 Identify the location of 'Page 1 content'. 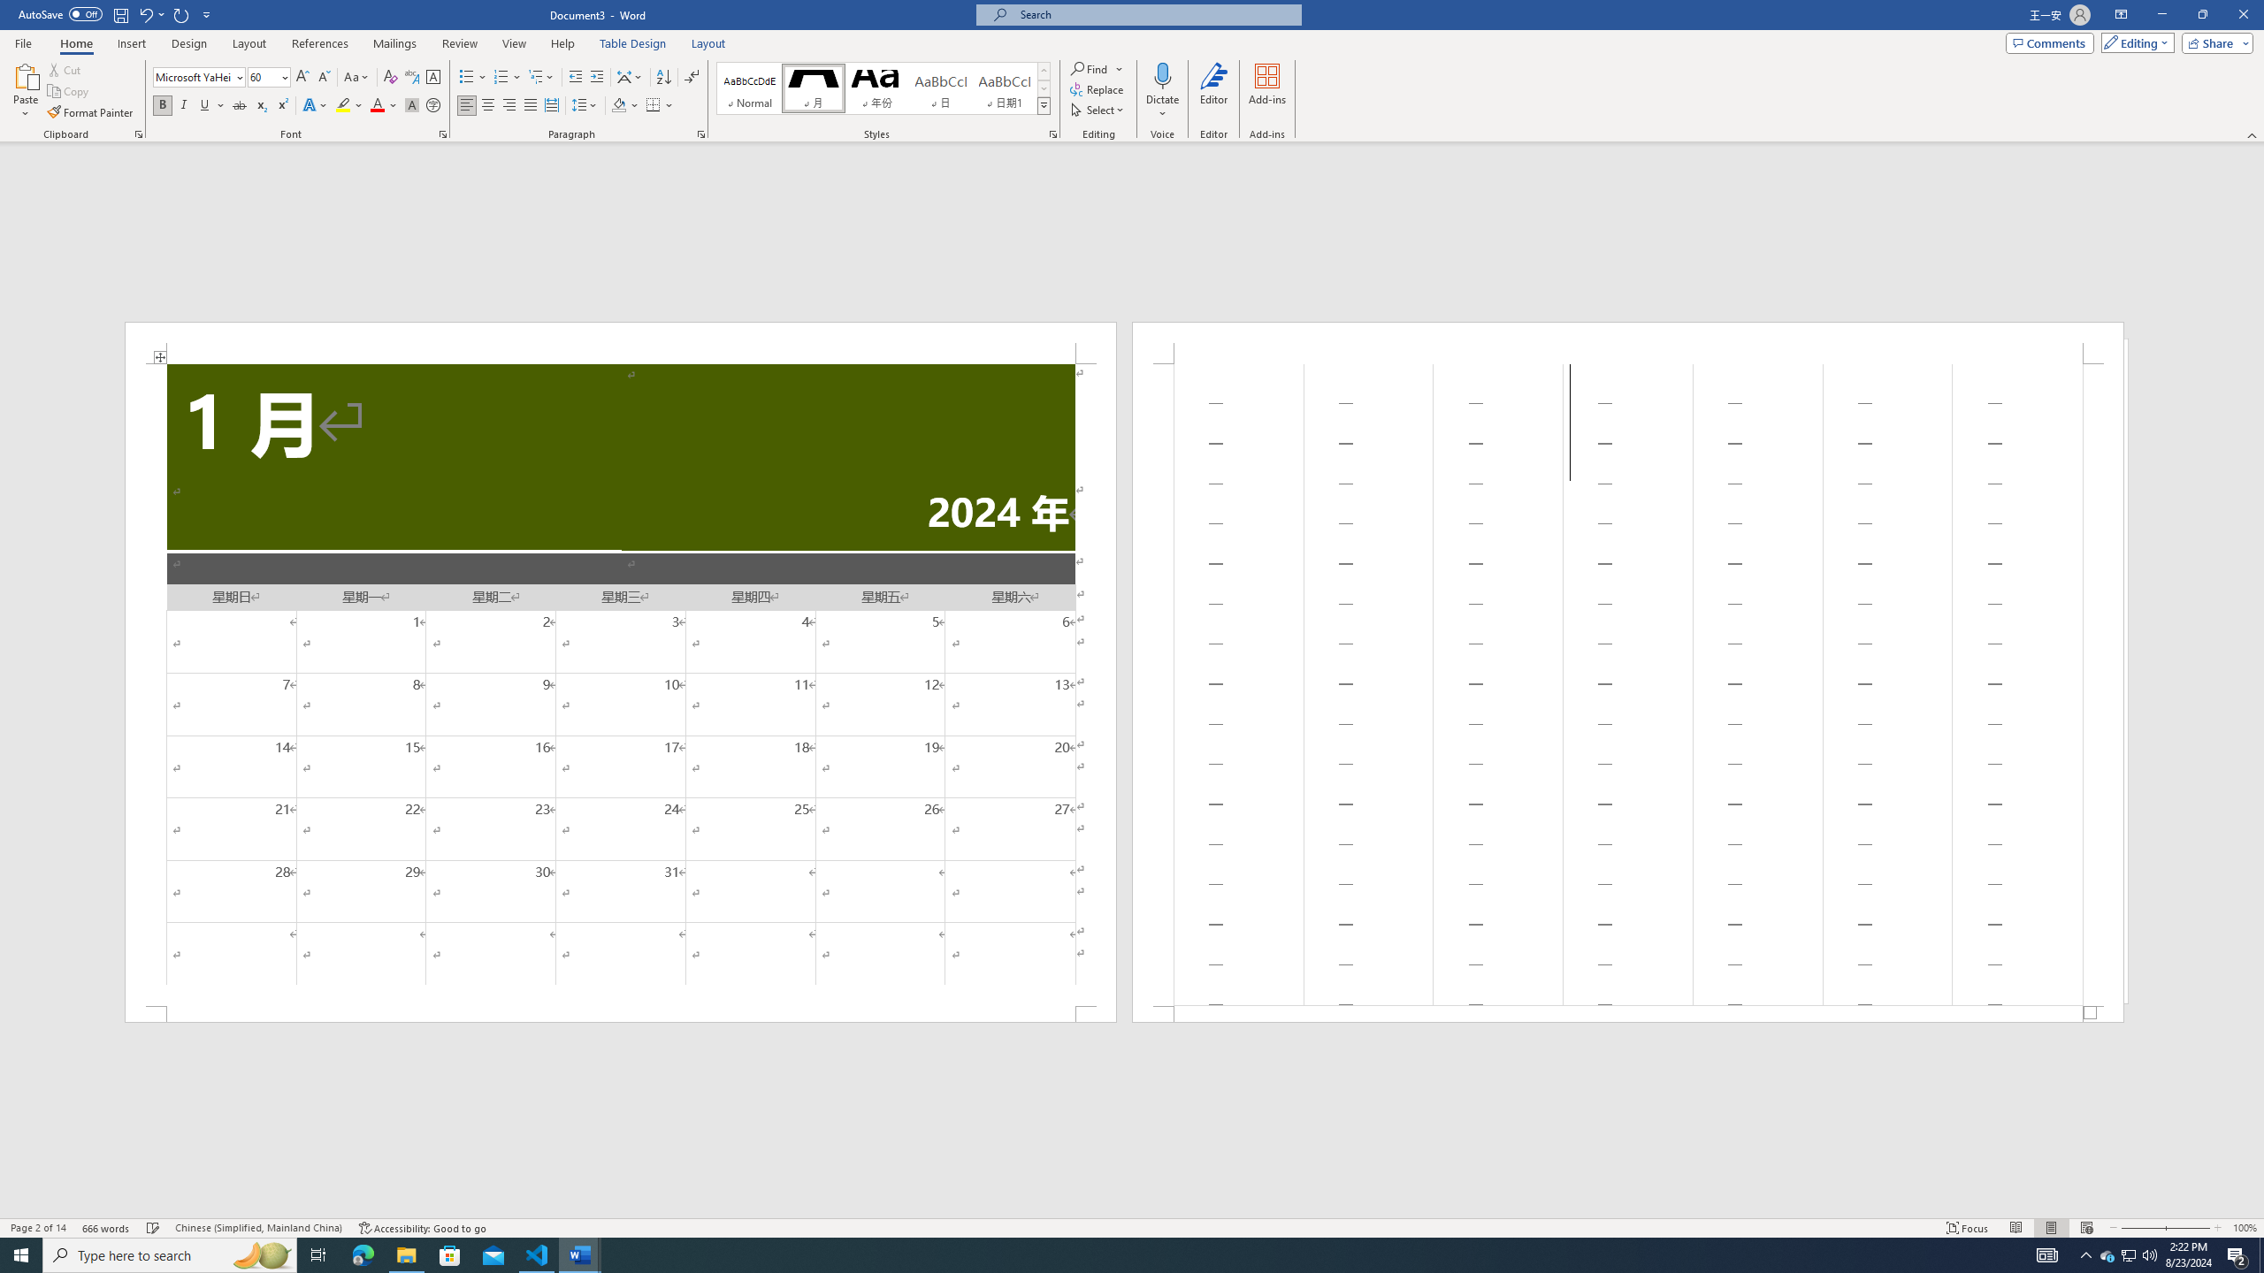
(620, 683).